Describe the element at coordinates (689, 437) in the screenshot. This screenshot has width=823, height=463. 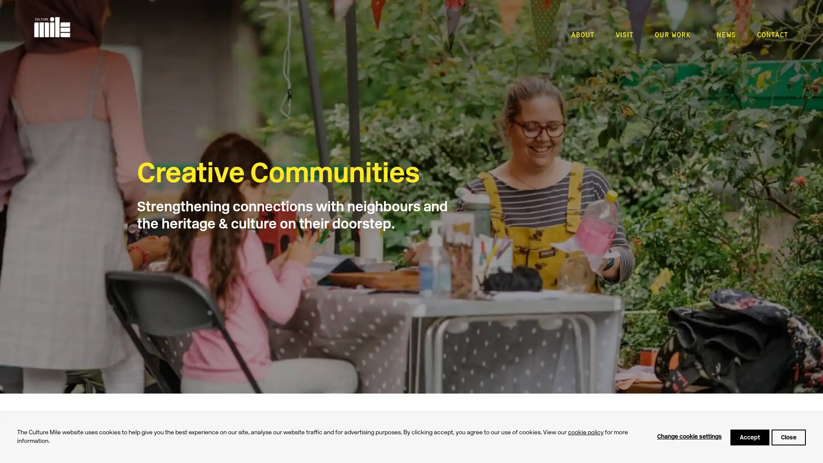
I see `Change cookie settings` at that location.